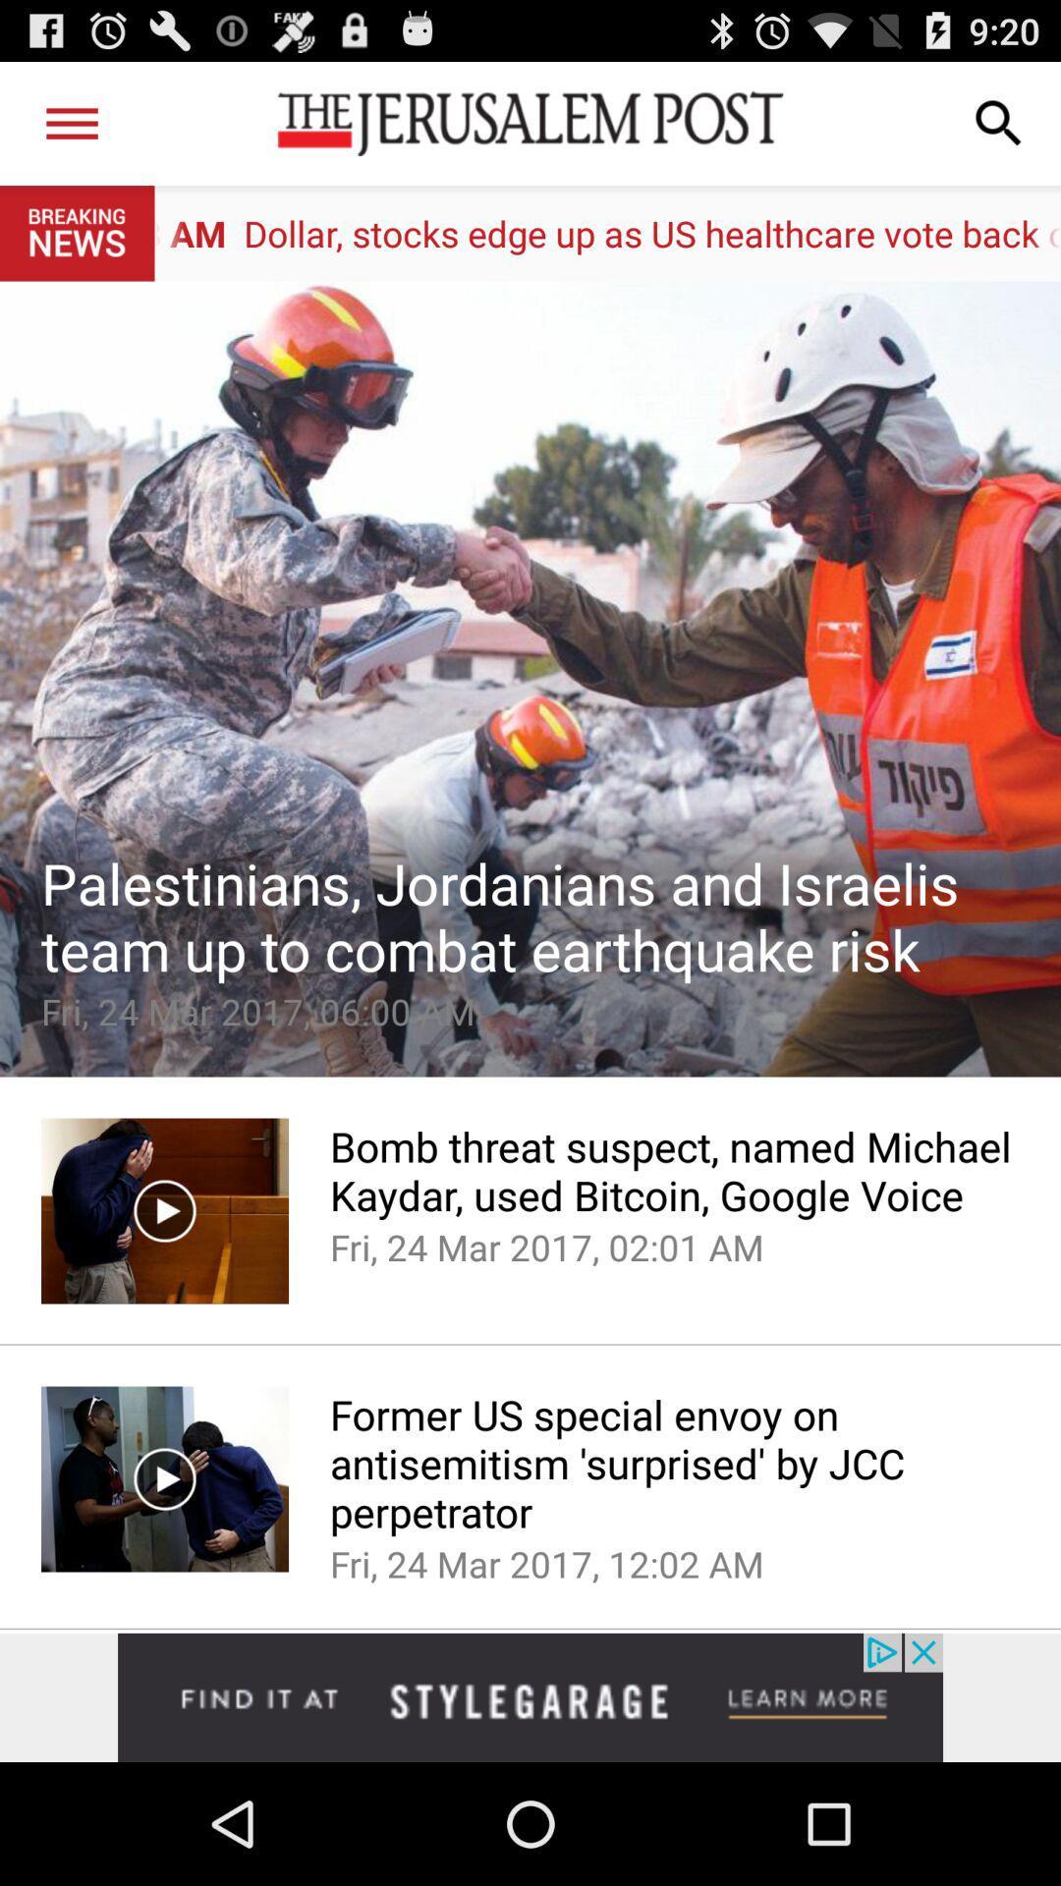  I want to click on the play button beside bomb threat suspect named michael kaydar used bitcoin google voice, so click(164, 1210).